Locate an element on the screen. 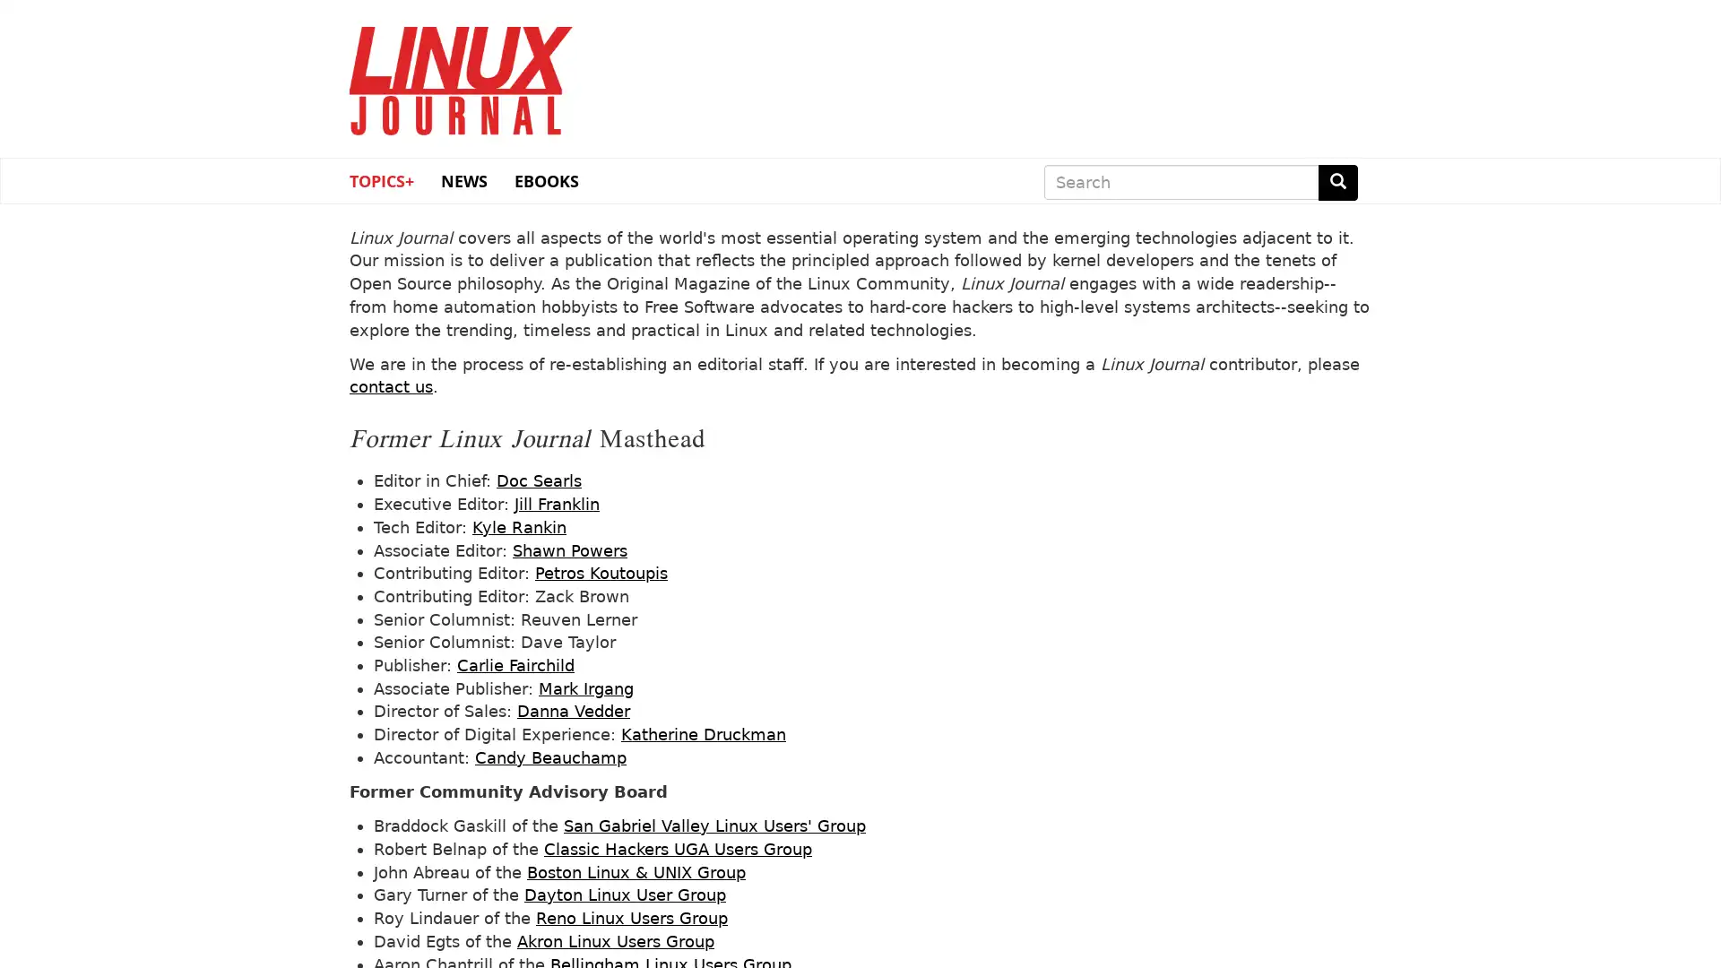  Search is located at coordinates (1337, 182).